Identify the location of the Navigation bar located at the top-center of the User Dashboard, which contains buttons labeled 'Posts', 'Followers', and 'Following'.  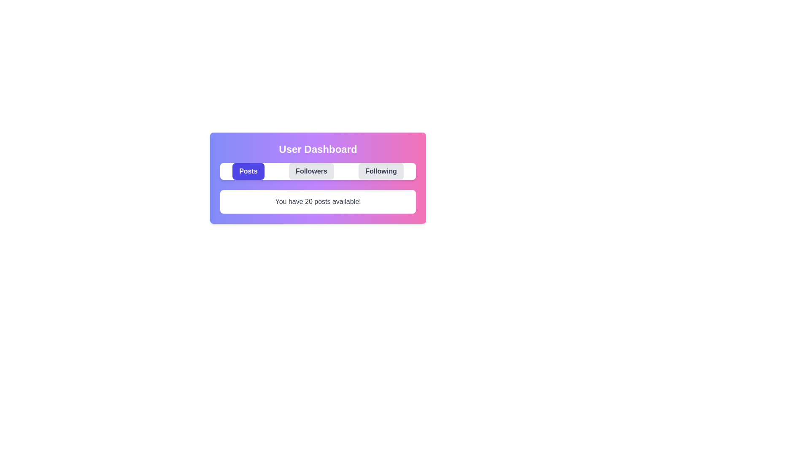
(317, 171).